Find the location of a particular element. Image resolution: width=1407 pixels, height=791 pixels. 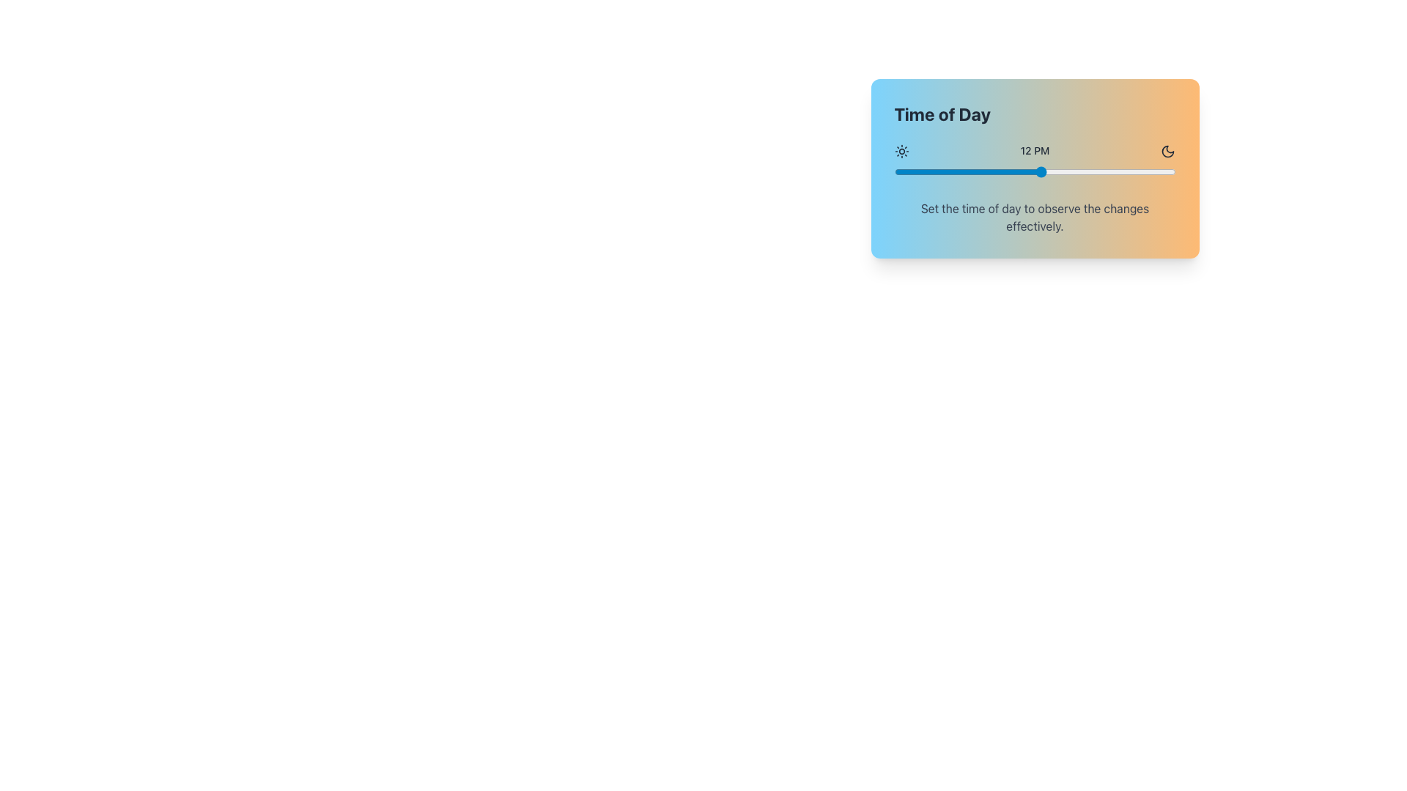

time of day is located at coordinates (967, 171).